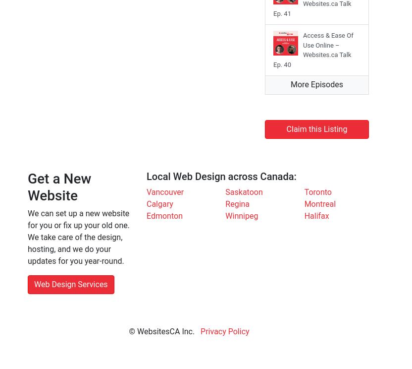  What do you see at coordinates (146, 216) in the screenshot?
I see `'Edmonton'` at bounding box center [146, 216].